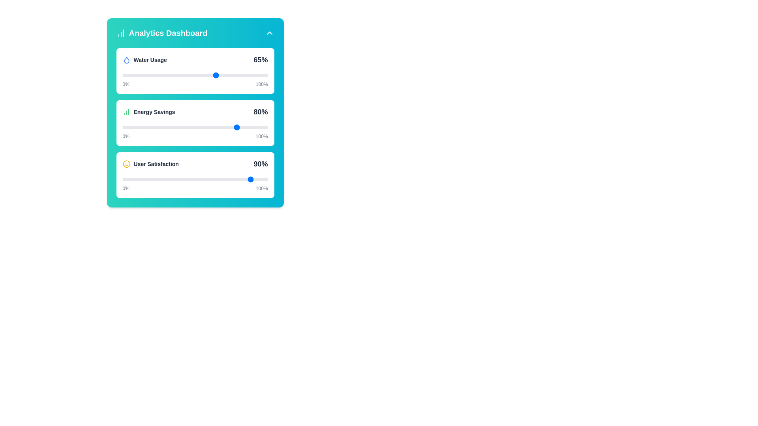  Describe the element at coordinates (126, 164) in the screenshot. I see `the smiley face icon located in the 'User Satisfaction' section of the dashboard, positioned to the left of the text 'User Satisfaction'` at that location.